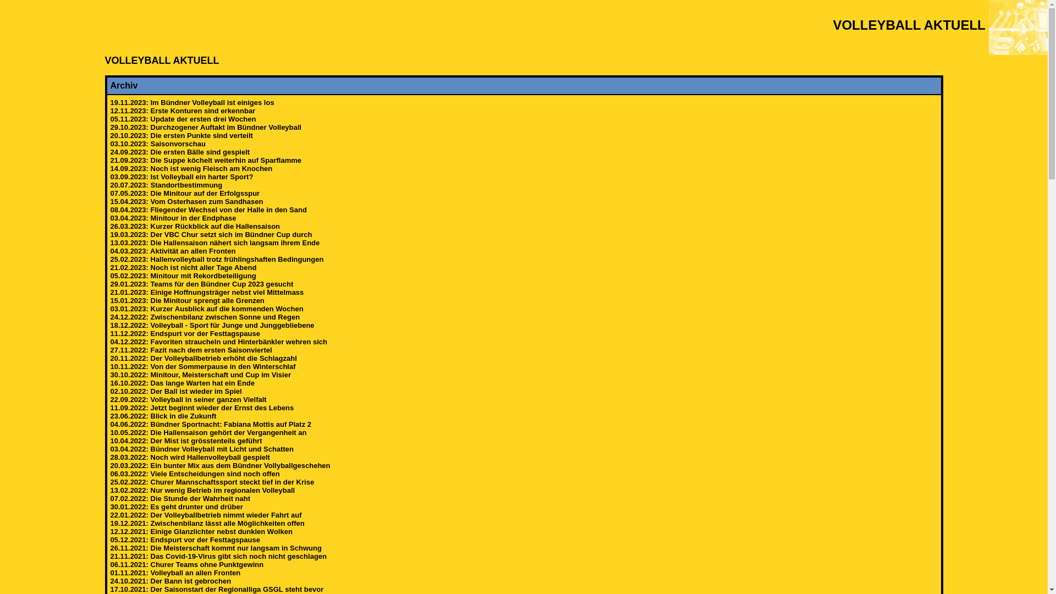 The image size is (1056, 594). I want to click on '03.10.2023: Saisonvorschau', so click(157, 143).